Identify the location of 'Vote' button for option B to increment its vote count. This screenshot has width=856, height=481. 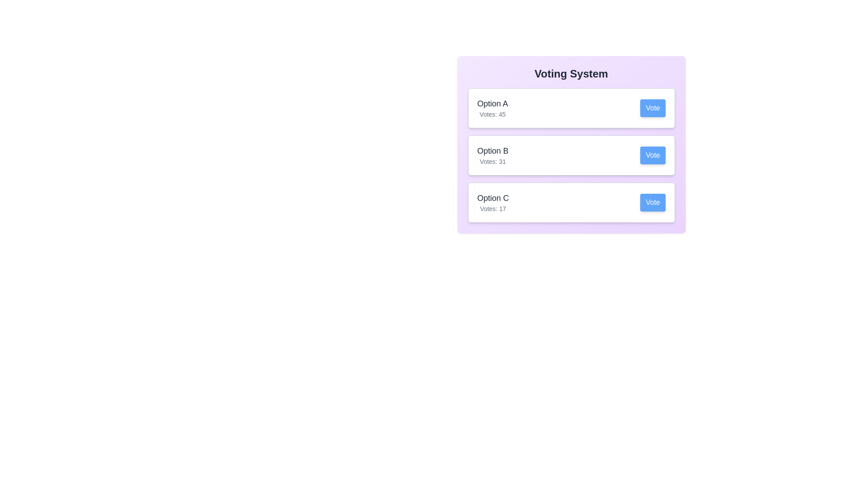
(653, 155).